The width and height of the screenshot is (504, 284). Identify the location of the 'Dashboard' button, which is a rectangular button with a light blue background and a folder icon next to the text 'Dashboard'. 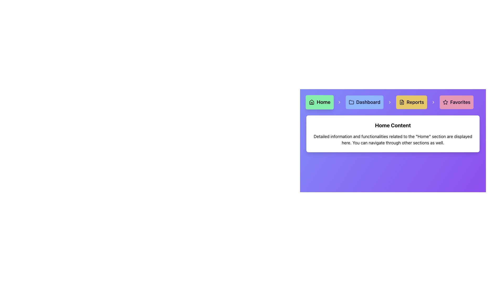
(364, 102).